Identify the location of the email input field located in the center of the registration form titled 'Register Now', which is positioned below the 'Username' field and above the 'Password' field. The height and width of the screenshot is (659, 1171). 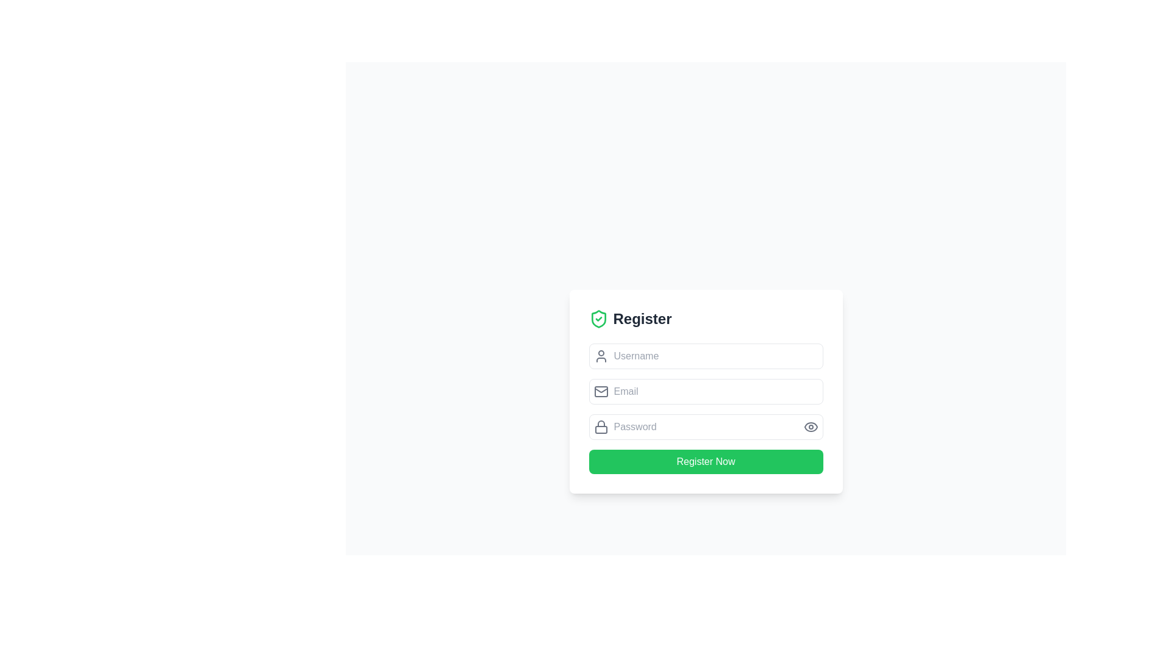
(706, 391).